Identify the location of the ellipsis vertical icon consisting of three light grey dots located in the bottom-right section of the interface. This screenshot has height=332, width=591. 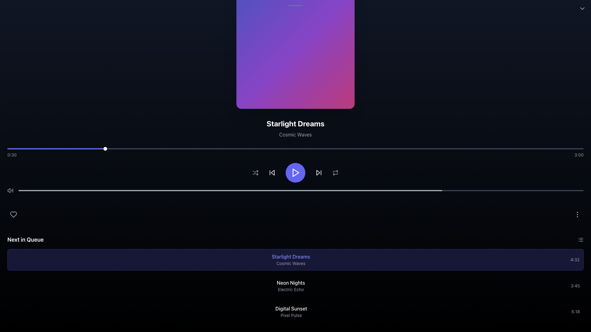
(577, 214).